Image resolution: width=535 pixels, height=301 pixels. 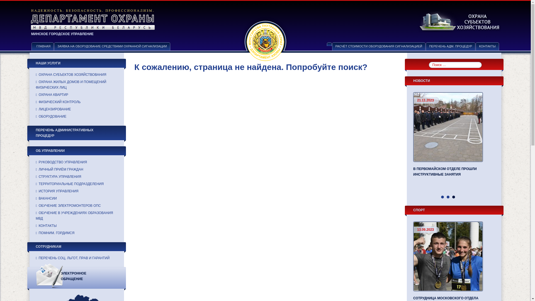 What do you see at coordinates (452, 196) in the screenshot?
I see `'3'` at bounding box center [452, 196].